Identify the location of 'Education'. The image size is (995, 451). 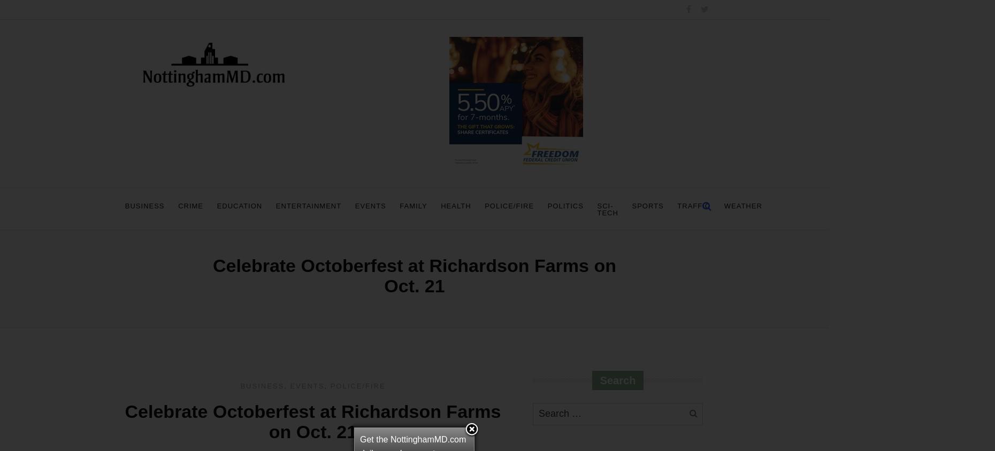
(239, 205).